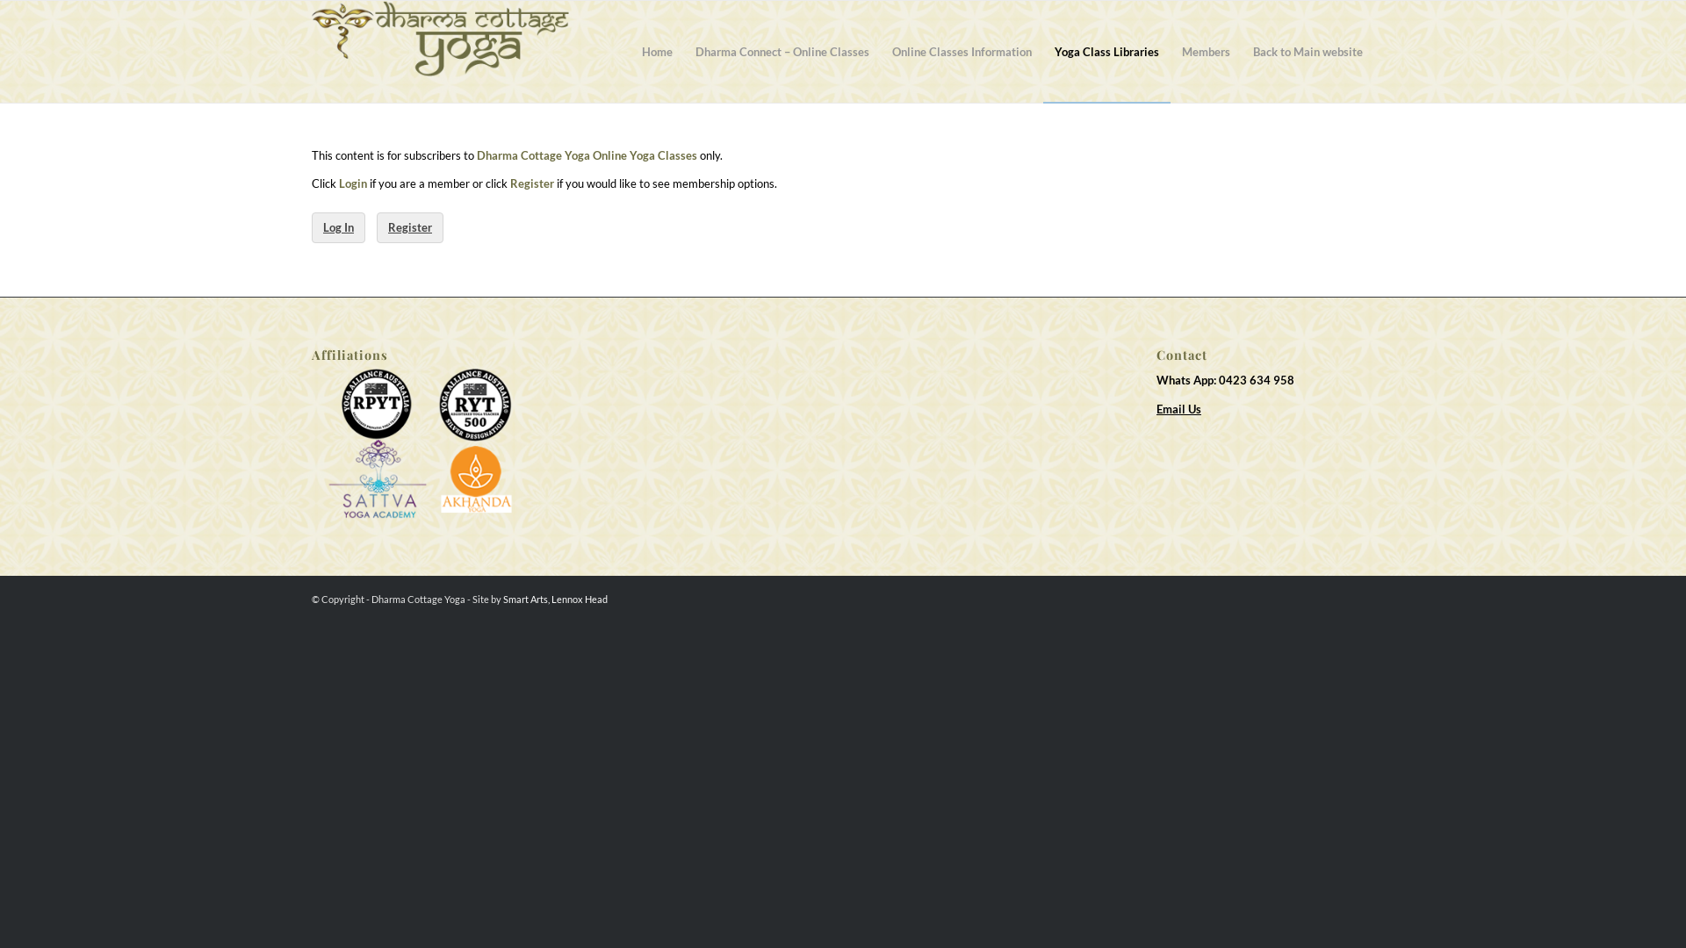  I want to click on 'Email Us', so click(1156, 409).